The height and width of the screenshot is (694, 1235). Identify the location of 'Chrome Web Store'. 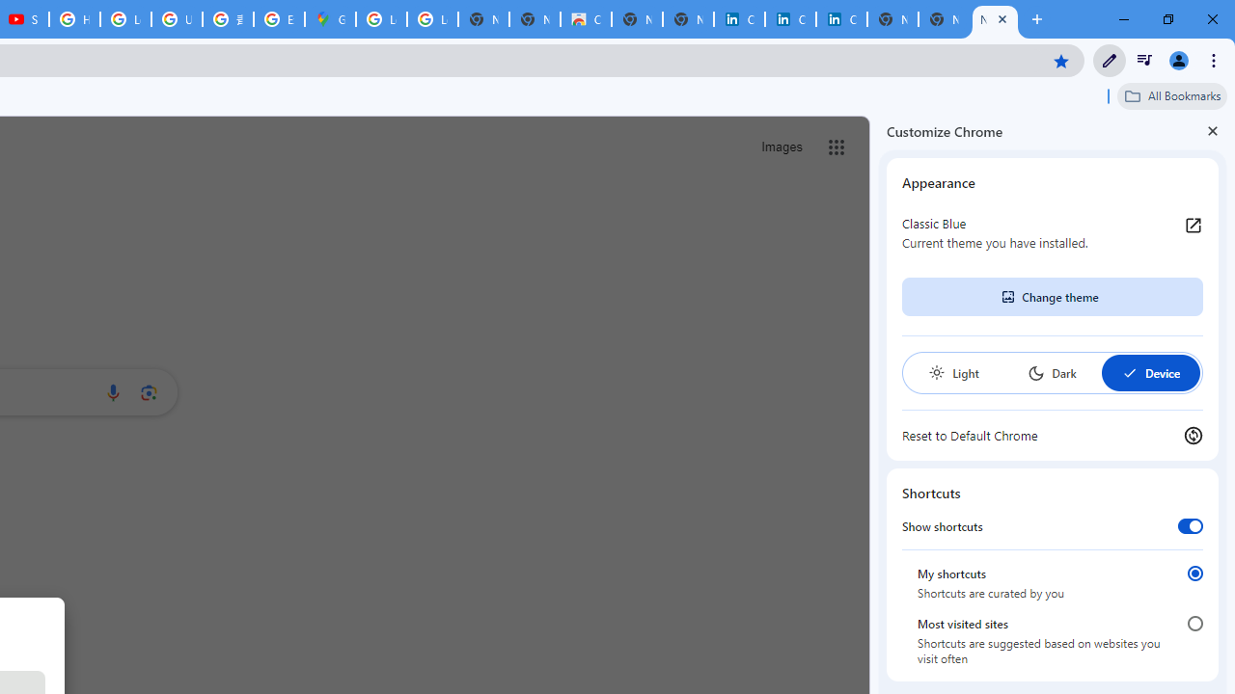
(585, 19).